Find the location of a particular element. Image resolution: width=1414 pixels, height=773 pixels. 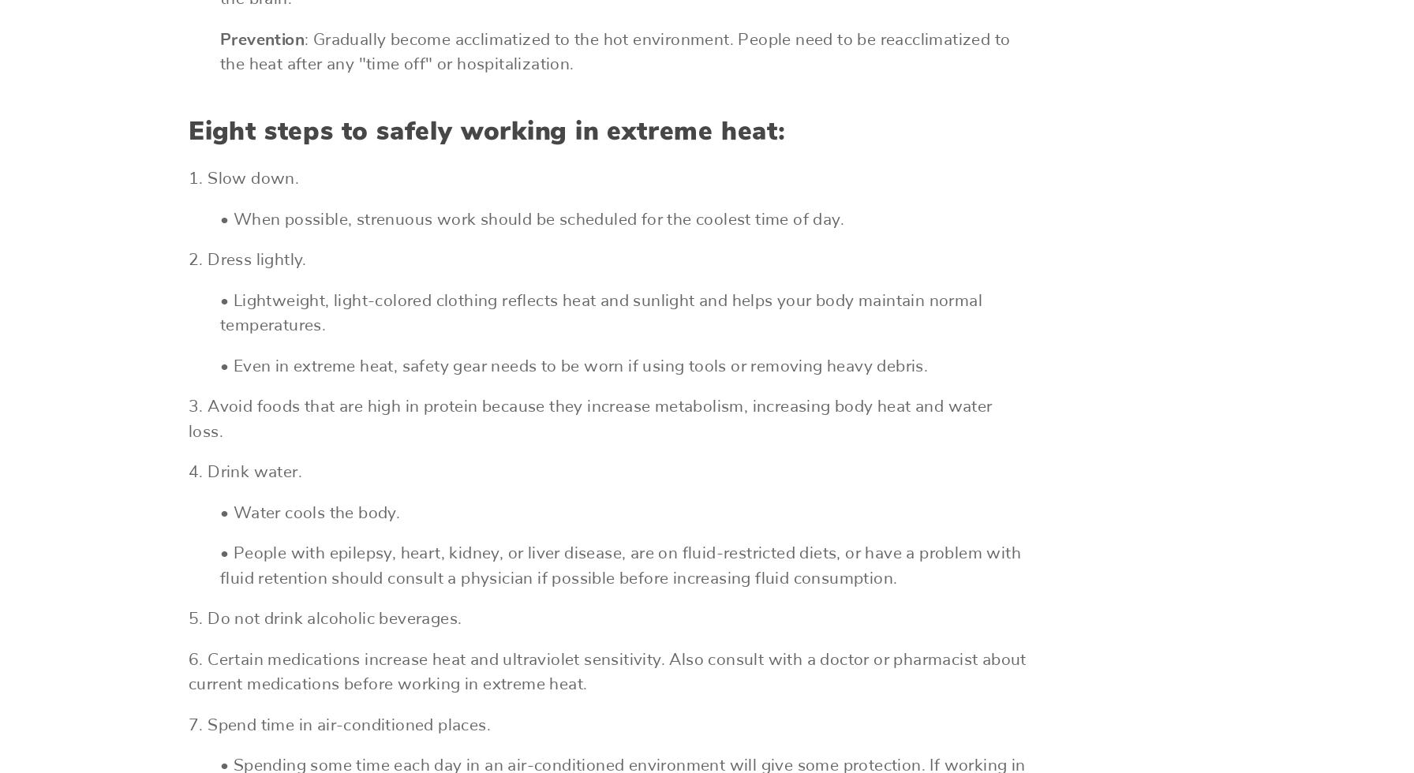

'• Even in extreme heat, safety gear needs to be worn if using tools or removing heavy debris.' is located at coordinates (574, 365).